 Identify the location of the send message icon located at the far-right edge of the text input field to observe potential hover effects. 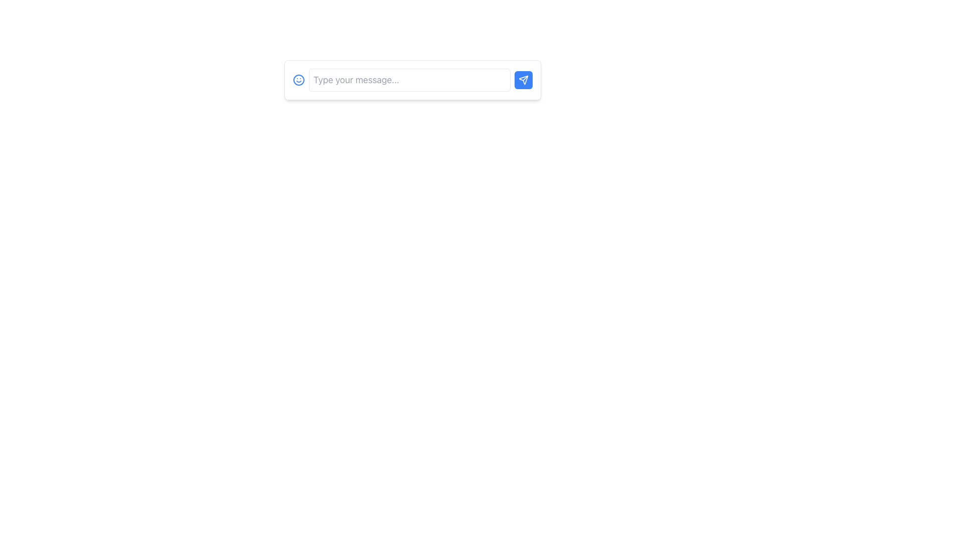
(523, 79).